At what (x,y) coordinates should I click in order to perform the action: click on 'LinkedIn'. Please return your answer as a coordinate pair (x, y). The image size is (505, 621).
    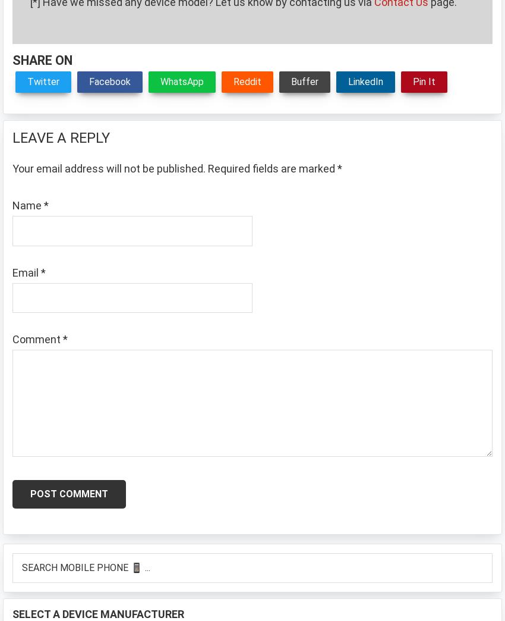
    Looking at the image, I should click on (348, 80).